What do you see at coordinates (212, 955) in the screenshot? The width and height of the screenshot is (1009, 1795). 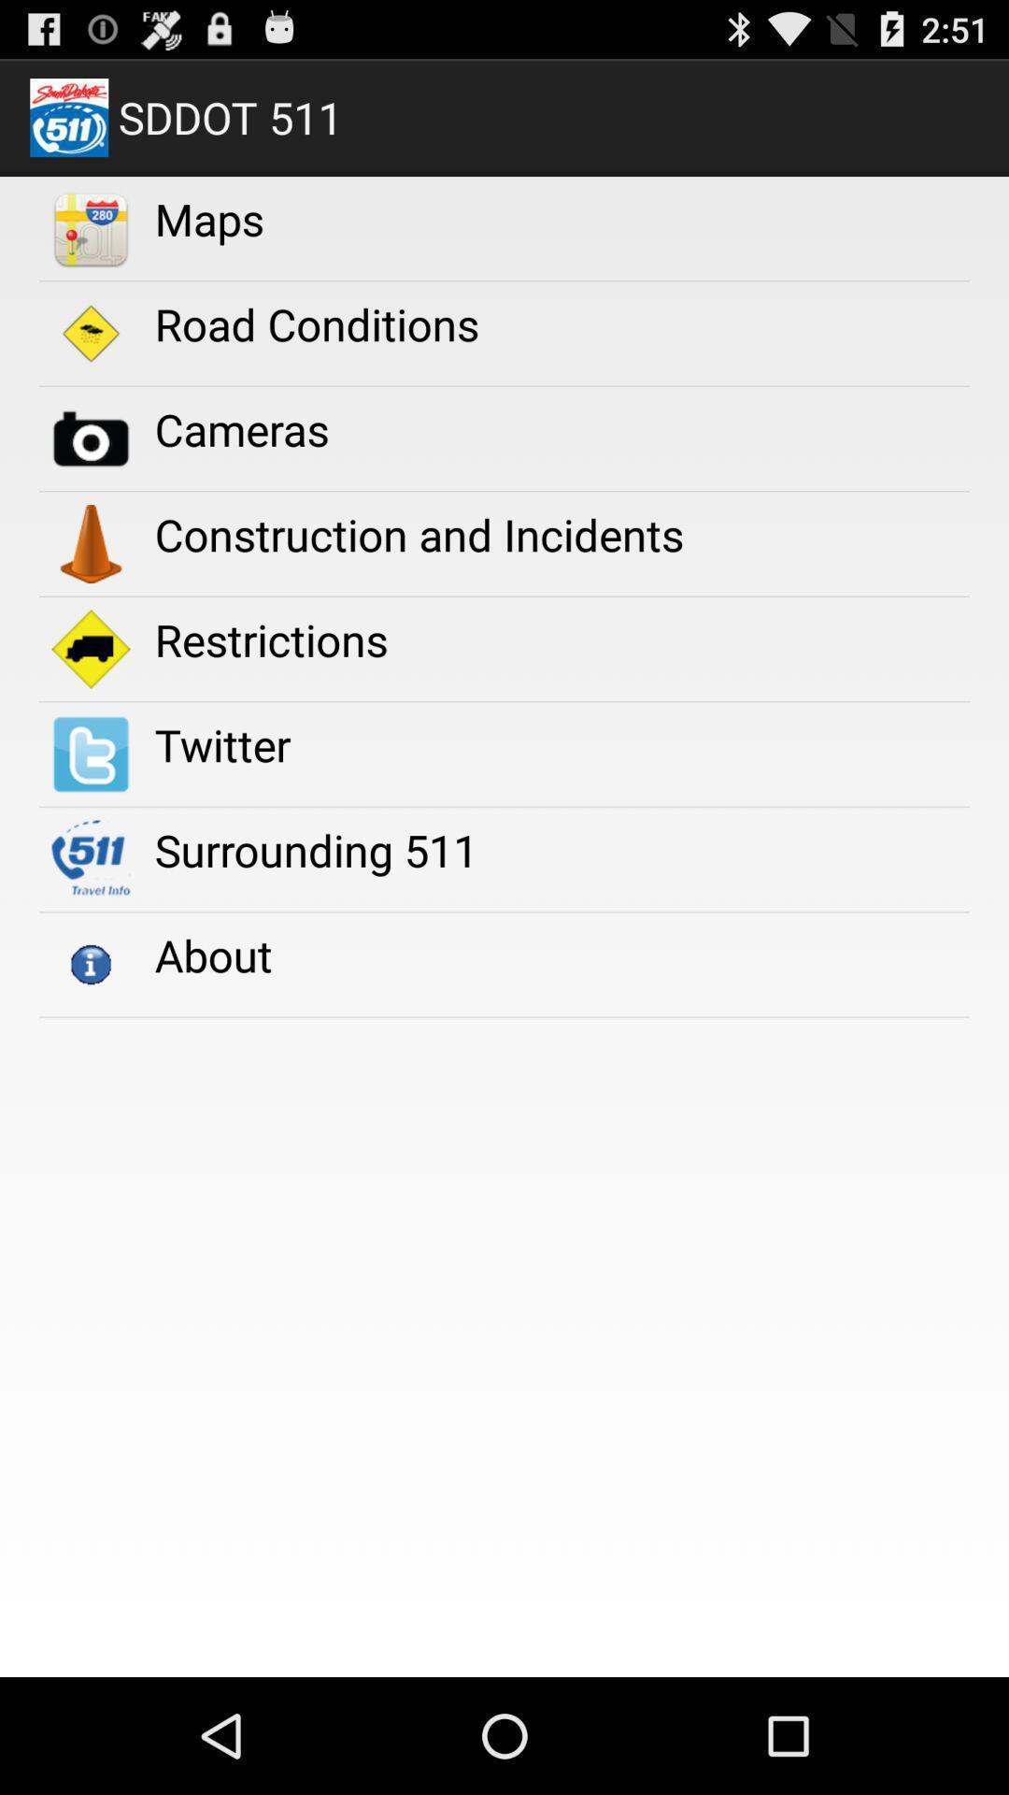 I see `about` at bounding box center [212, 955].